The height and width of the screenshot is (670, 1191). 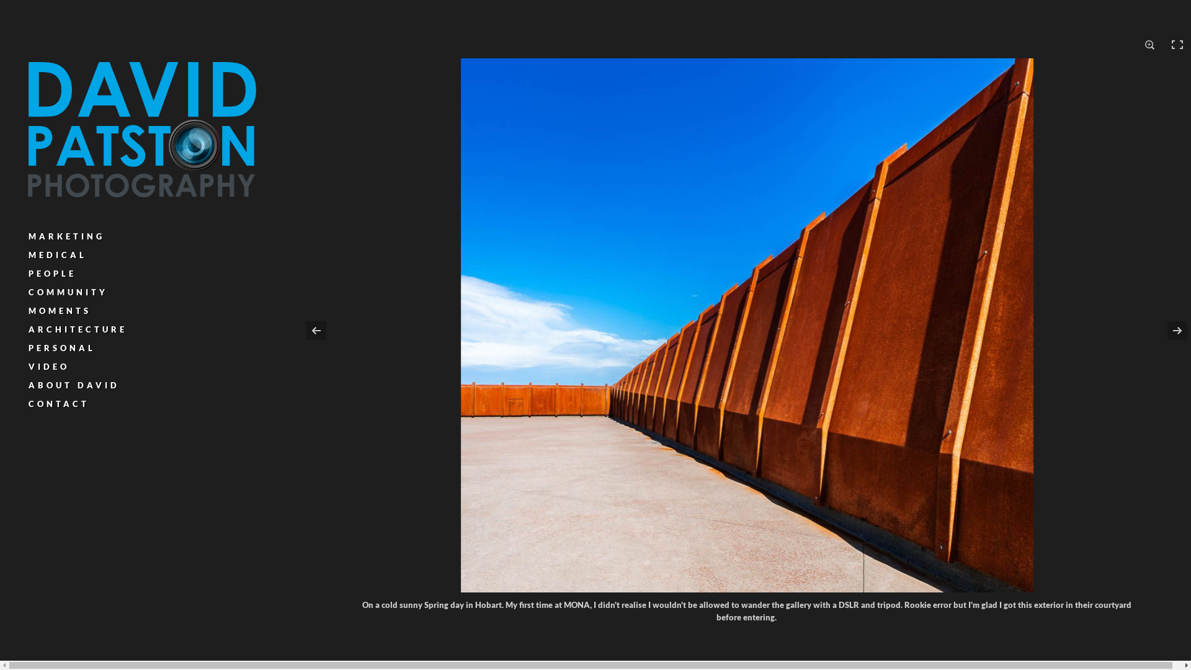 What do you see at coordinates (29, 365) in the screenshot?
I see `'VIDEO'` at bounding box center [29, 365].